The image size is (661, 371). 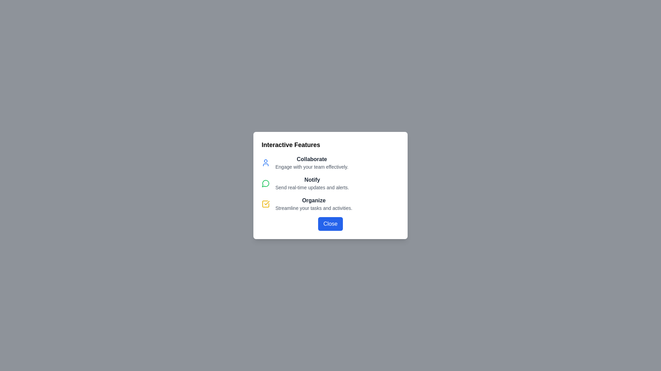 I want to click on the feature Organize to explore its content, so click(x=265, y=204).